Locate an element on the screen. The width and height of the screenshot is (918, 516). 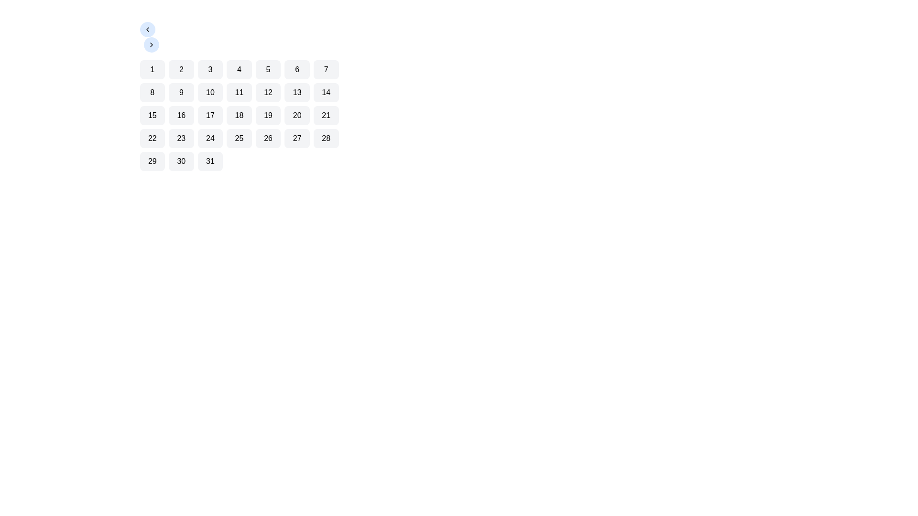
the rectangular button displaying the number '5', which is located in the first row and the fifth column of a grid layout is located at coordinates (268, 69).